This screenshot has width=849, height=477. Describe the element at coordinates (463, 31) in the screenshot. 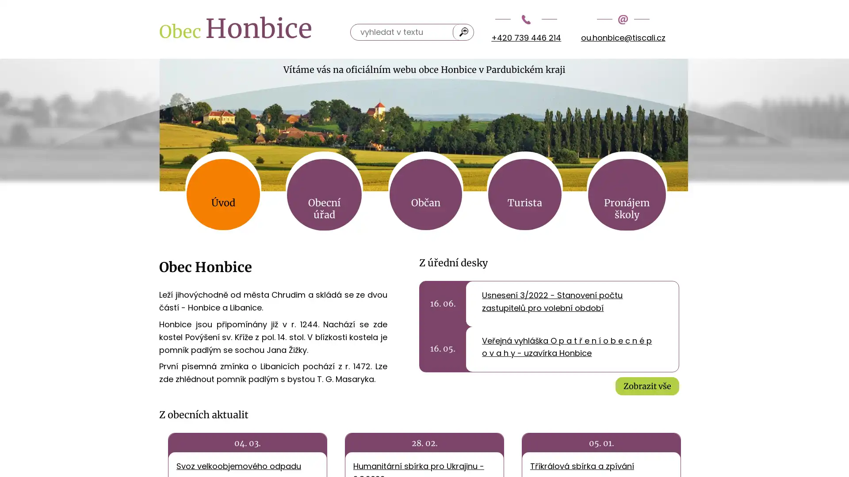

I see `Hledat` at that location.